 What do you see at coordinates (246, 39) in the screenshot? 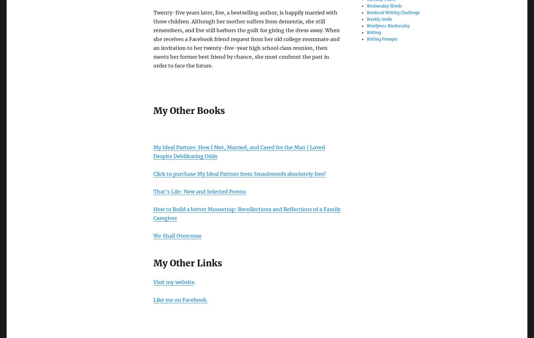
I see `'Twenty-five years later, Eve, a bestselling author, is happily married with three children. Although her mother suffers from dementia, she still remembers, and Eve still harbors the guilt for giving the dress away. When she receives a Facebook friend request from her old college roommate and an invitation to her twenty-five-year high school class reunion, then meets her former best friend by chance, she must confront the past in order to face the future.'` at bounding box center [246, 39].